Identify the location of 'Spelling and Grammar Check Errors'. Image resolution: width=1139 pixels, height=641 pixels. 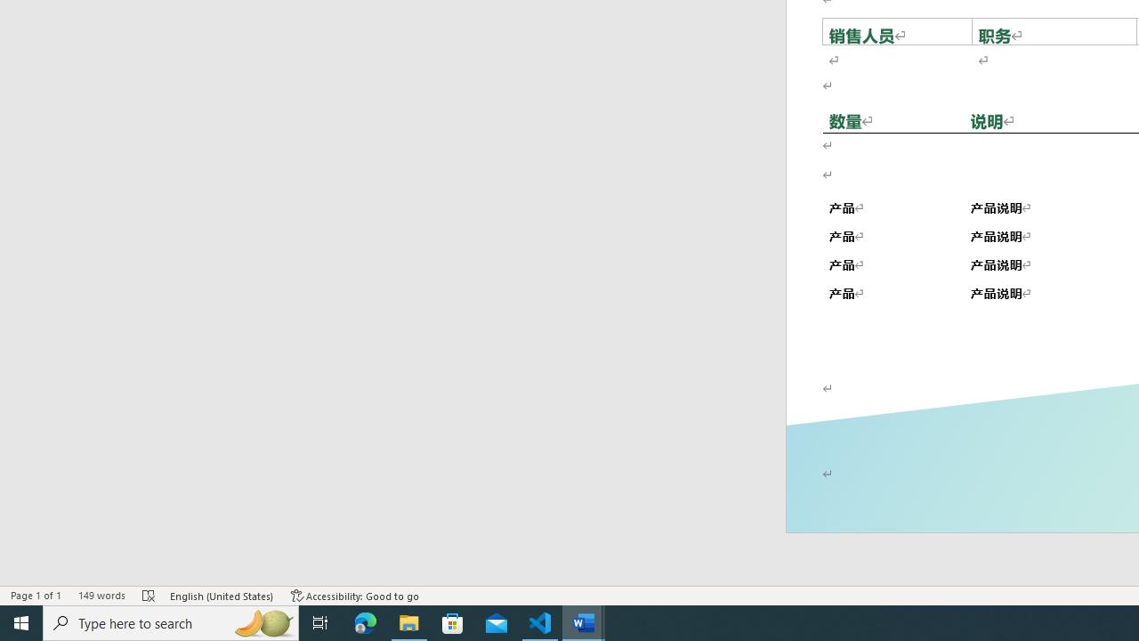
(149, 596).